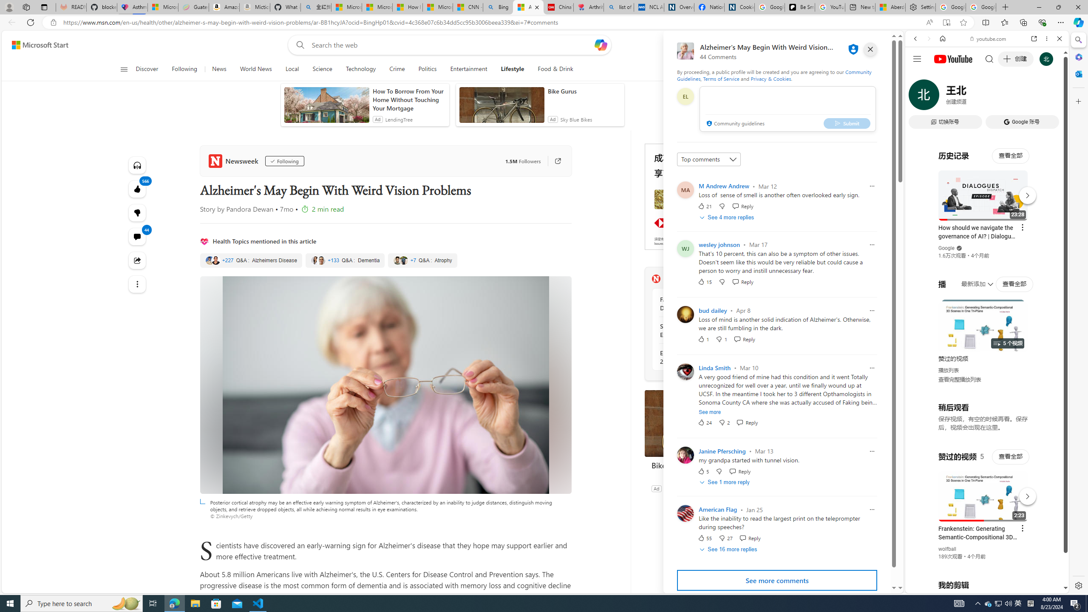 This screenshot has height=612, width=1088. What do you see at coordinates (739, 7) in the screenshot?
I see `'Cookies'` at bounding box center [739, 7].